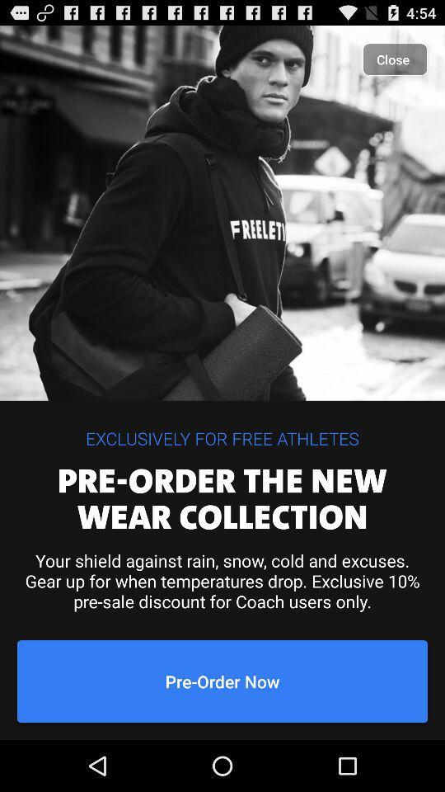 The width and height of the screenshot is (445, 792). What do you see at coordinates (222, 581) in the screenshot?
I see `icon below the pre order the` at bounding box center [222, 581].